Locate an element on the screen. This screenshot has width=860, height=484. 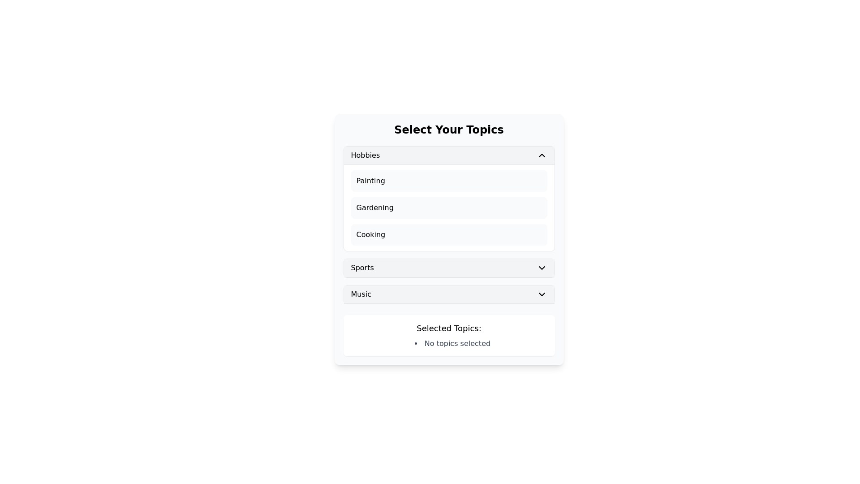
the 'Cooking' text label, which is styled in bold sans-serif font and is part of a selectable list of hobby topics is located at coordinates (370, 234).